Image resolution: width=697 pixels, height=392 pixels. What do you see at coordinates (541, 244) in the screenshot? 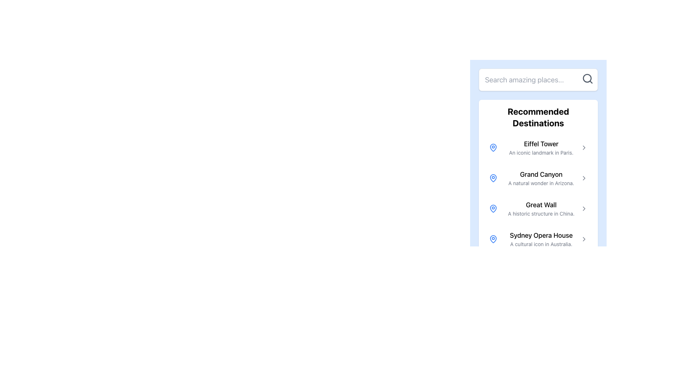
I see `the text label that reads 'A cultural icon in Australia.' located below the title 'Sydney Opera House' in the 'Recommended Destinations' list` at bounding box center [541, 244].